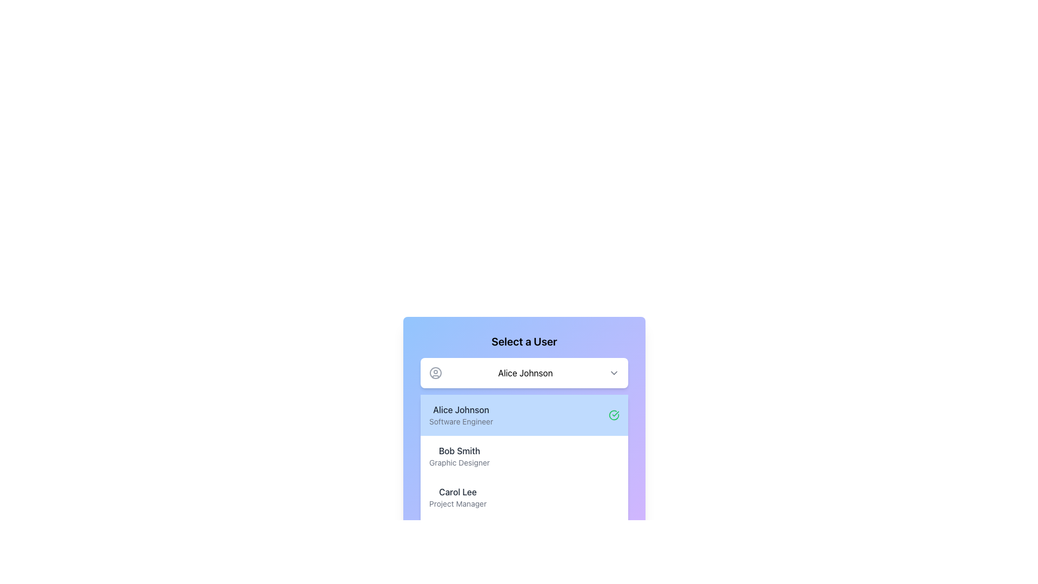 The image size is (1038, 584). Describe the element at coordinates (524, 373) in the screenshot. I see `the dropdown trigger labeled 'Alice Johnson'` at that location.